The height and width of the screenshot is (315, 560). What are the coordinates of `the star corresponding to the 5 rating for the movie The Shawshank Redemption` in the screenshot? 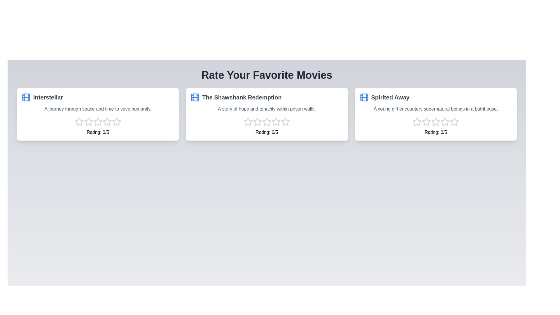 It's located at (286, 121).